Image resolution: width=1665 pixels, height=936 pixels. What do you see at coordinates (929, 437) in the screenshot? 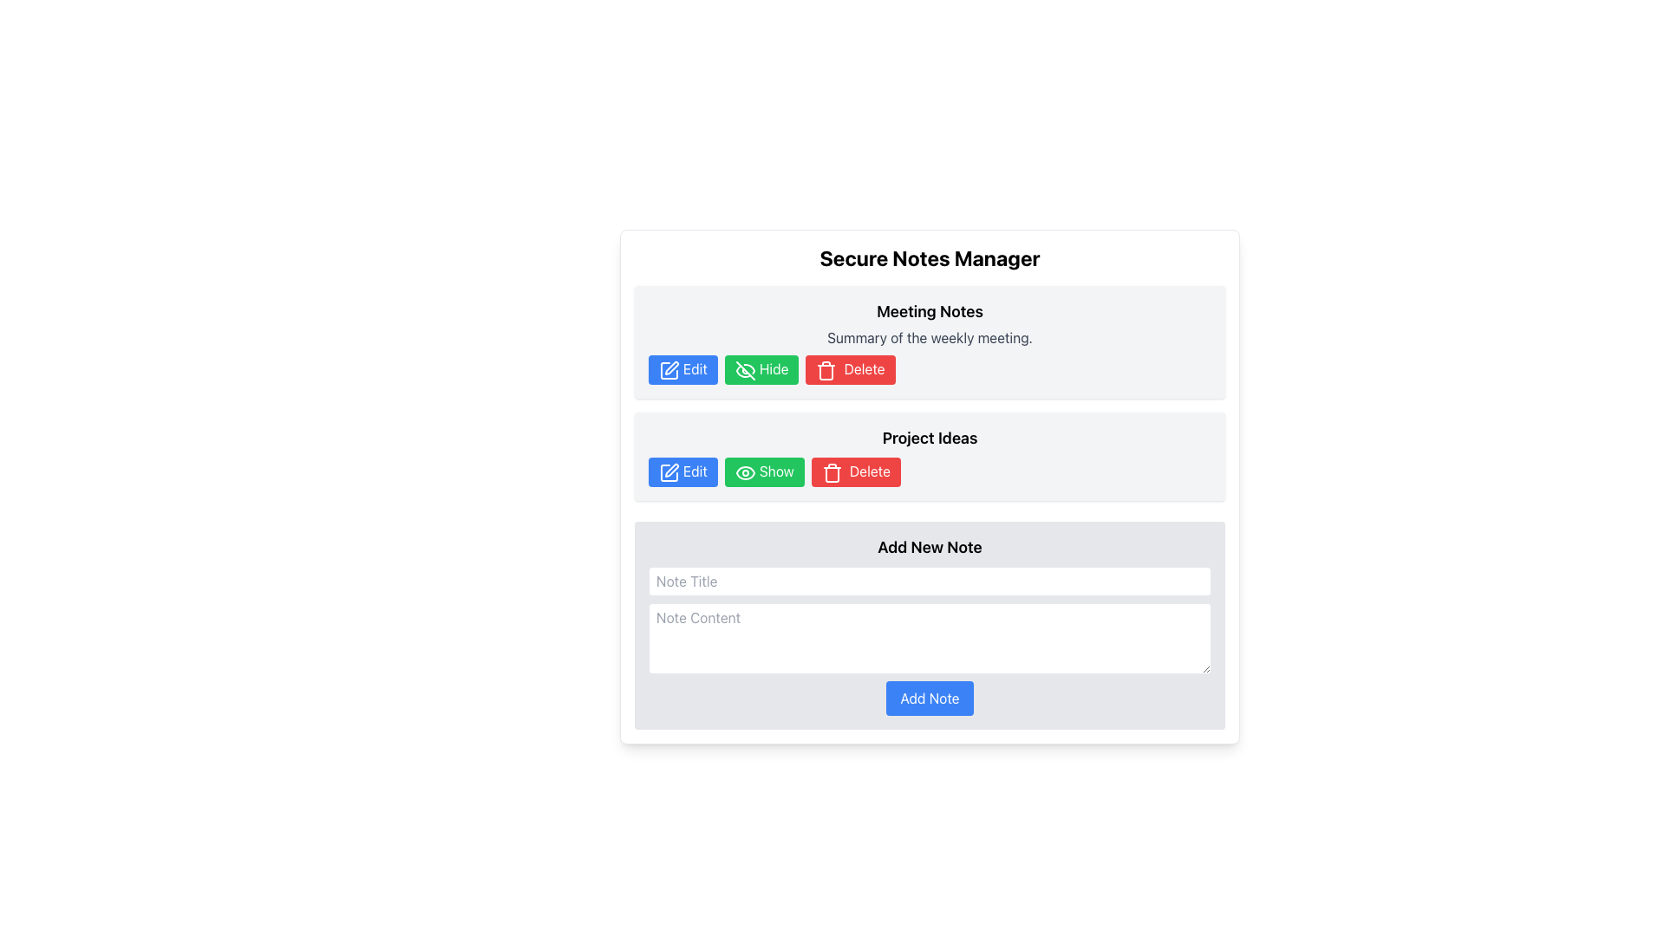
I see `the bold black text label reading 'Project Ideas', which is positioned below the 'Meeting Notes' section and above the action buttons` at bounding box center [929, 437].